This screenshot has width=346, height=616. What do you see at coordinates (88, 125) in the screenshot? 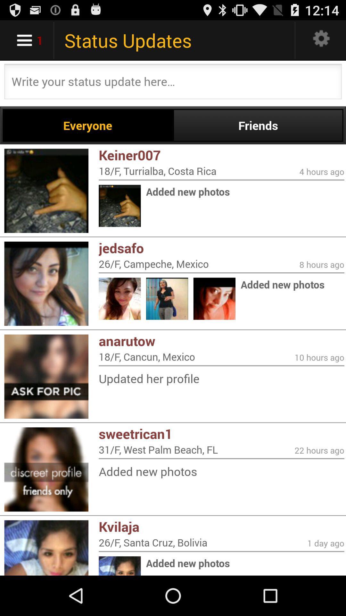
I see `the icon next to the friends` at bounding box center [88, 125].